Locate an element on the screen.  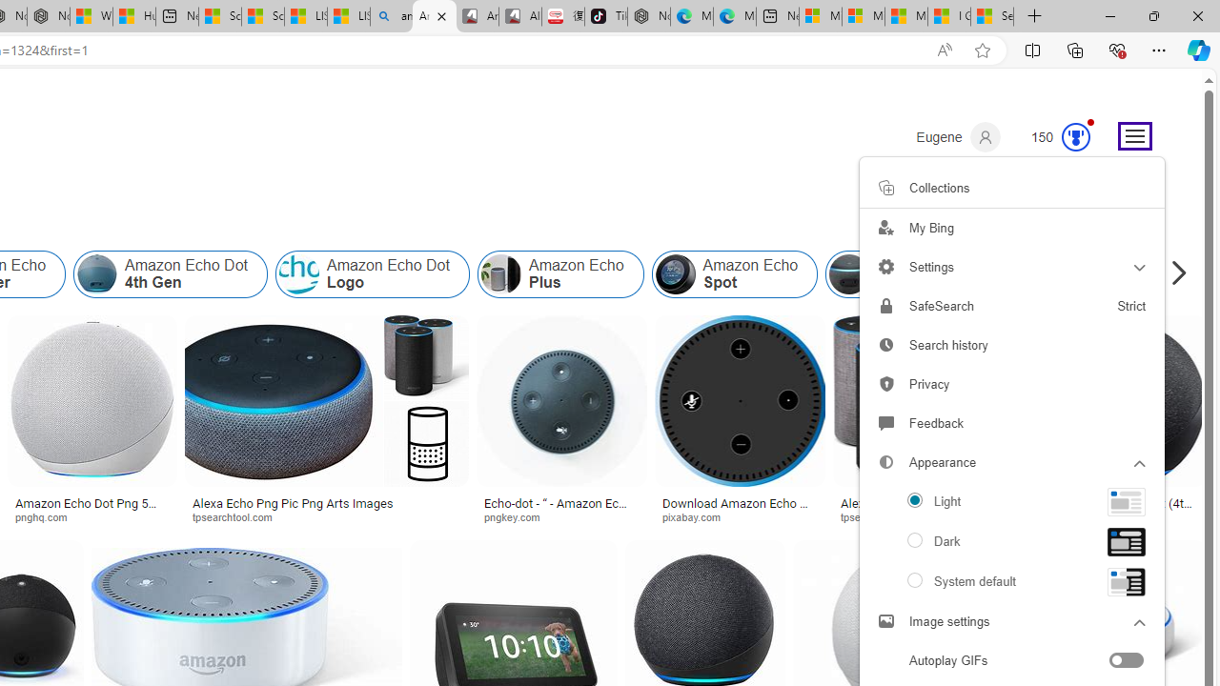
'SafeSearch Strict' is located at coordinates (1011, 305).